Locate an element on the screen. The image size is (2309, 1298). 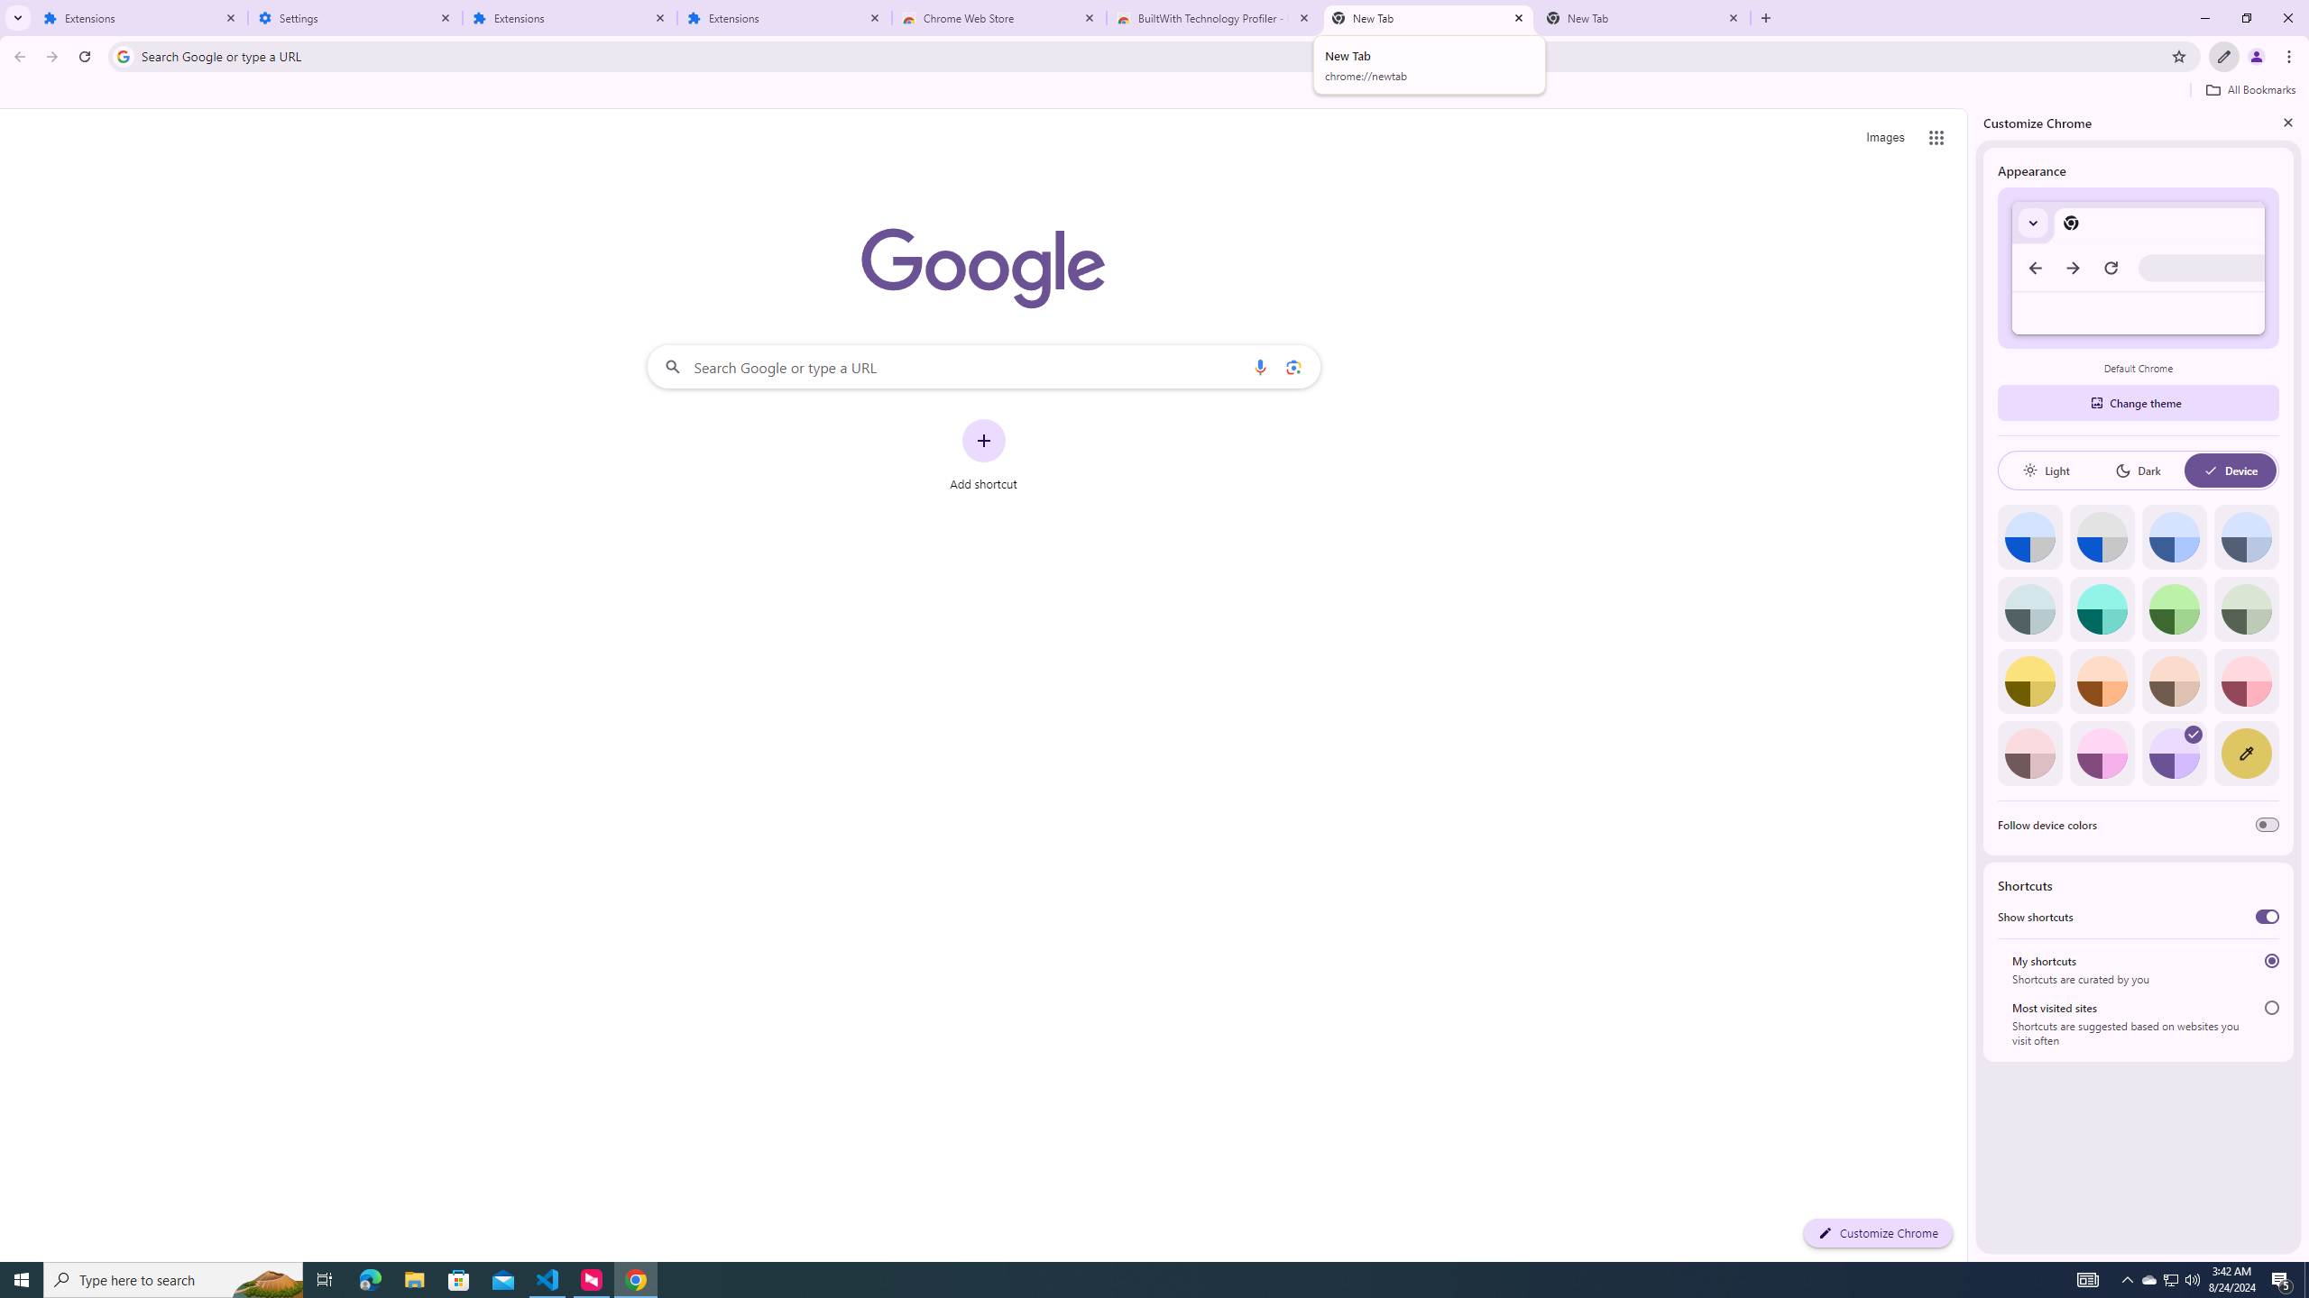
'Grey' is located at coordinates (2029, 608).